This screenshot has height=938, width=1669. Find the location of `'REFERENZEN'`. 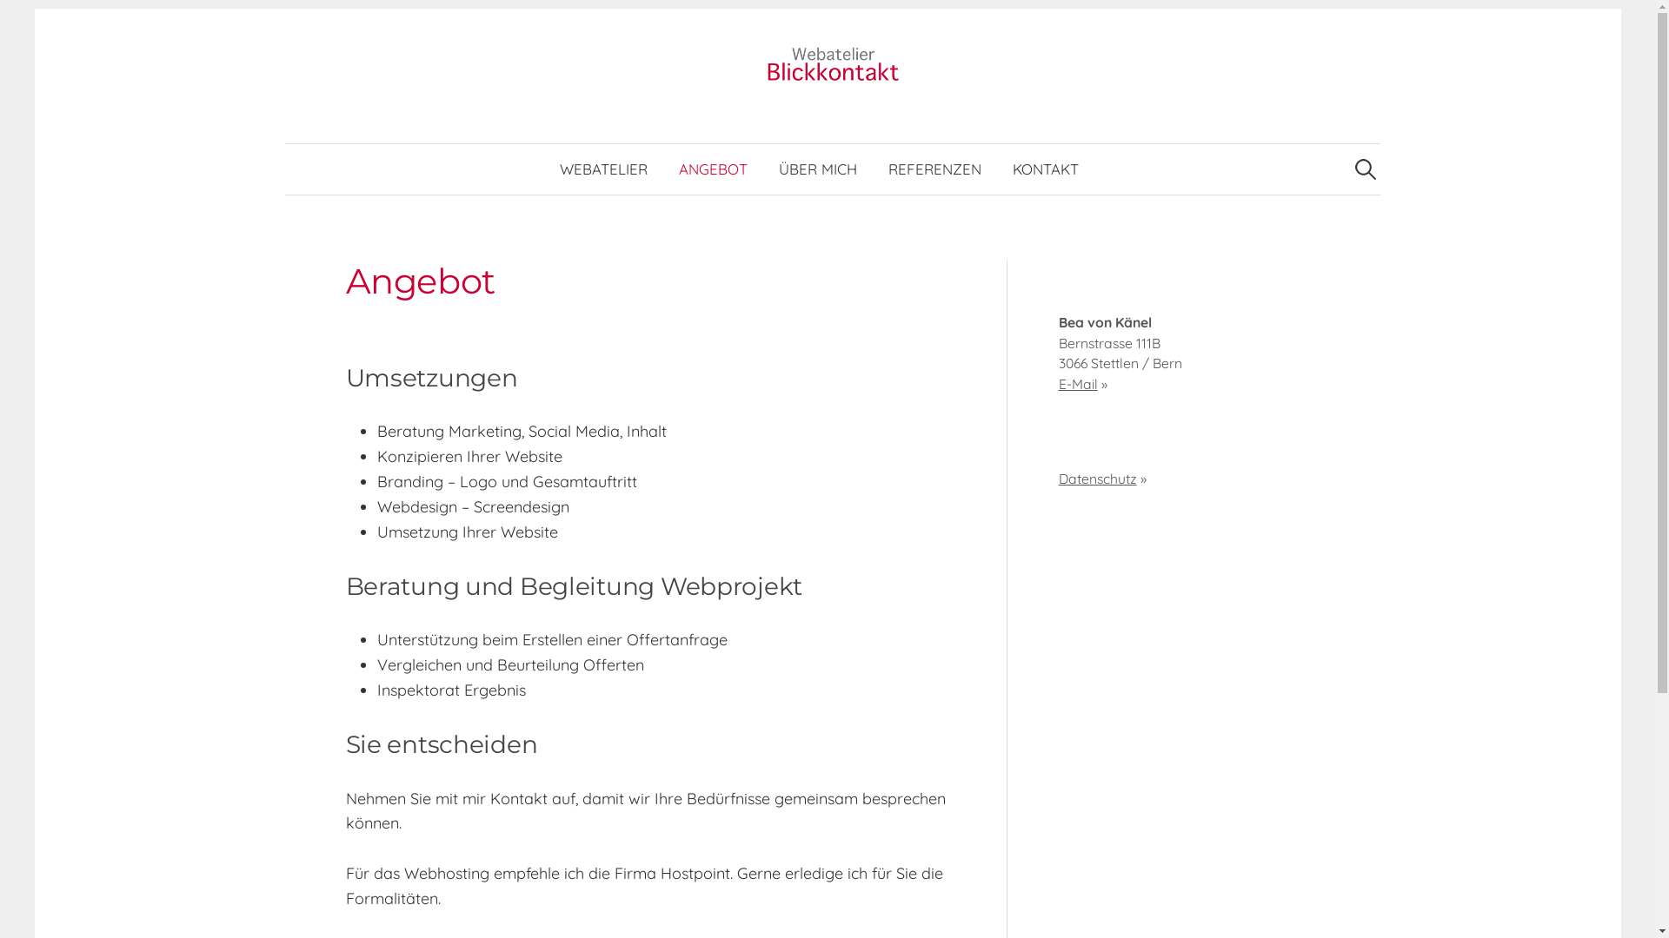

'REFERENZEN' is located at coordinates (934, 169).